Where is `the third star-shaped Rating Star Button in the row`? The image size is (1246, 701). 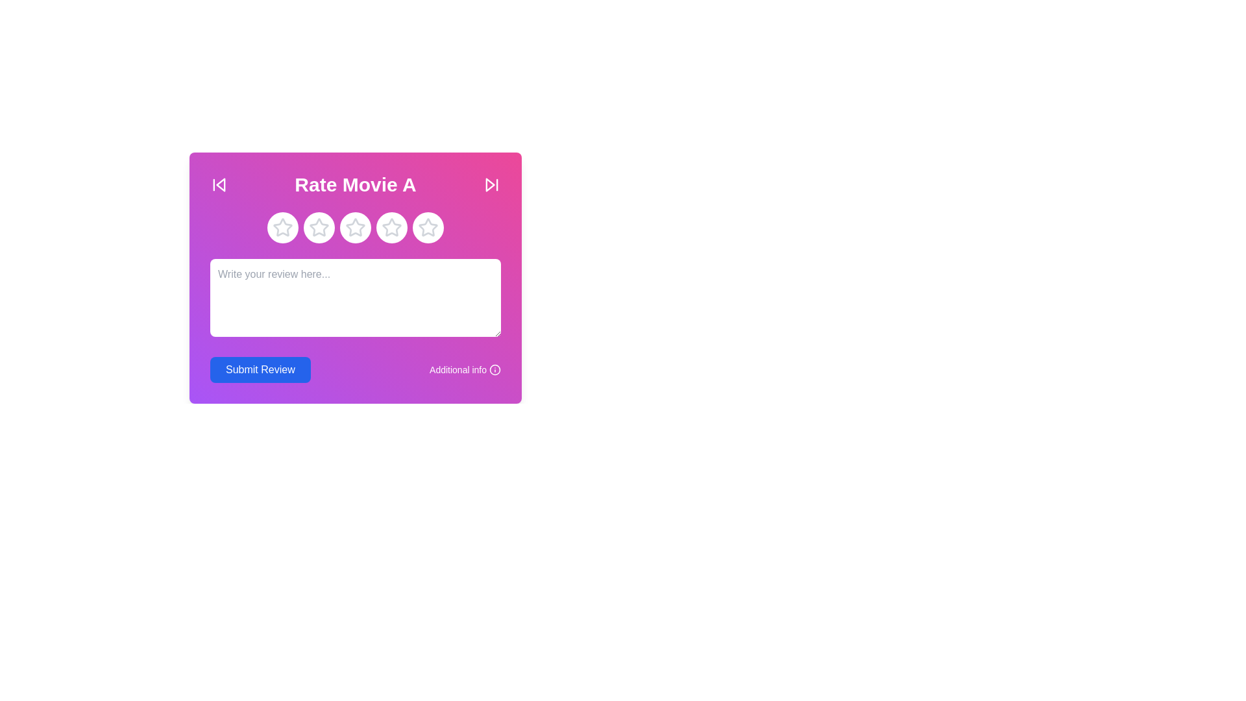
the third star-shaped Rating Star Button in the row is located at coordinates (355, 227).